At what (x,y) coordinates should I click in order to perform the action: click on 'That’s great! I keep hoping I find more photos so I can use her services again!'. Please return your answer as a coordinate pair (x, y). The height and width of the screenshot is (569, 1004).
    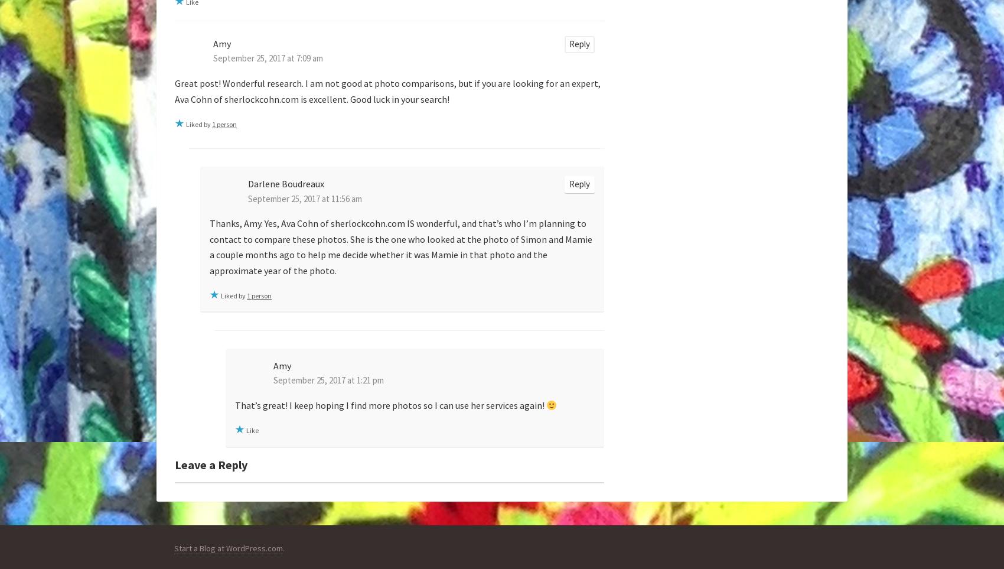
    Looking at the image, I should click on (390, 405).